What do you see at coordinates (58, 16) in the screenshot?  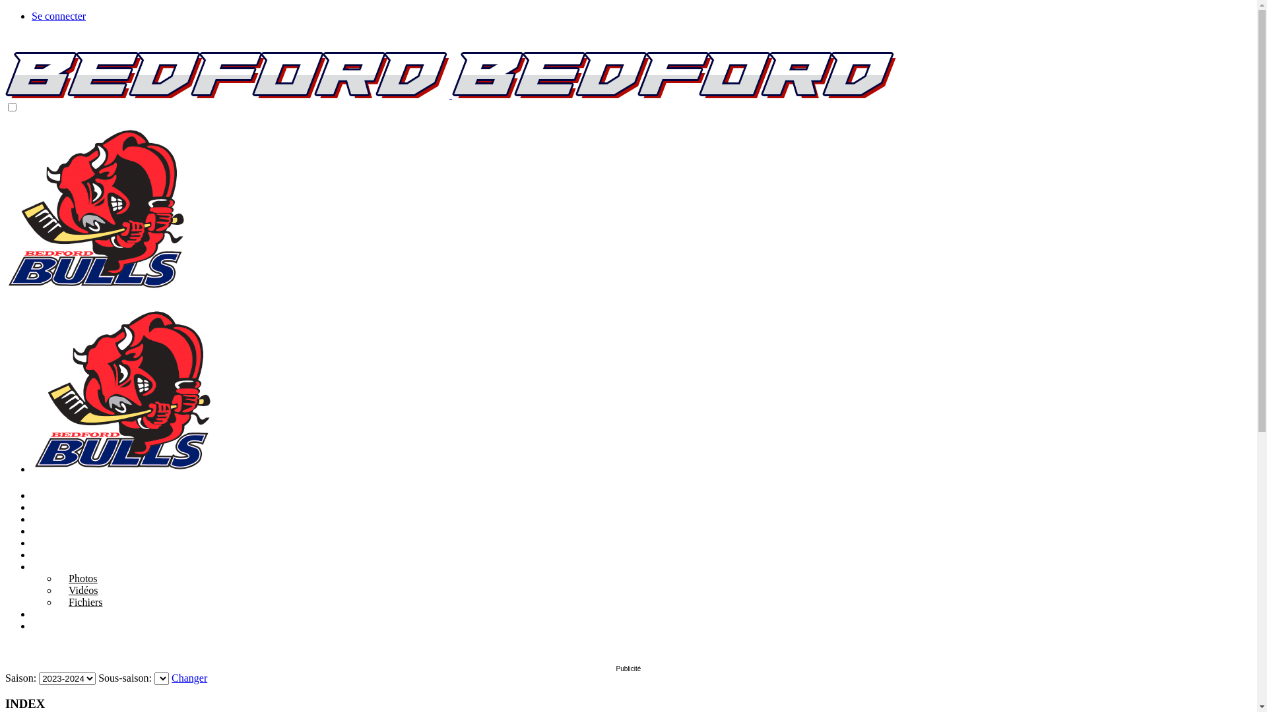 I see `'Se connecter'` at bounding box center [58, 16].